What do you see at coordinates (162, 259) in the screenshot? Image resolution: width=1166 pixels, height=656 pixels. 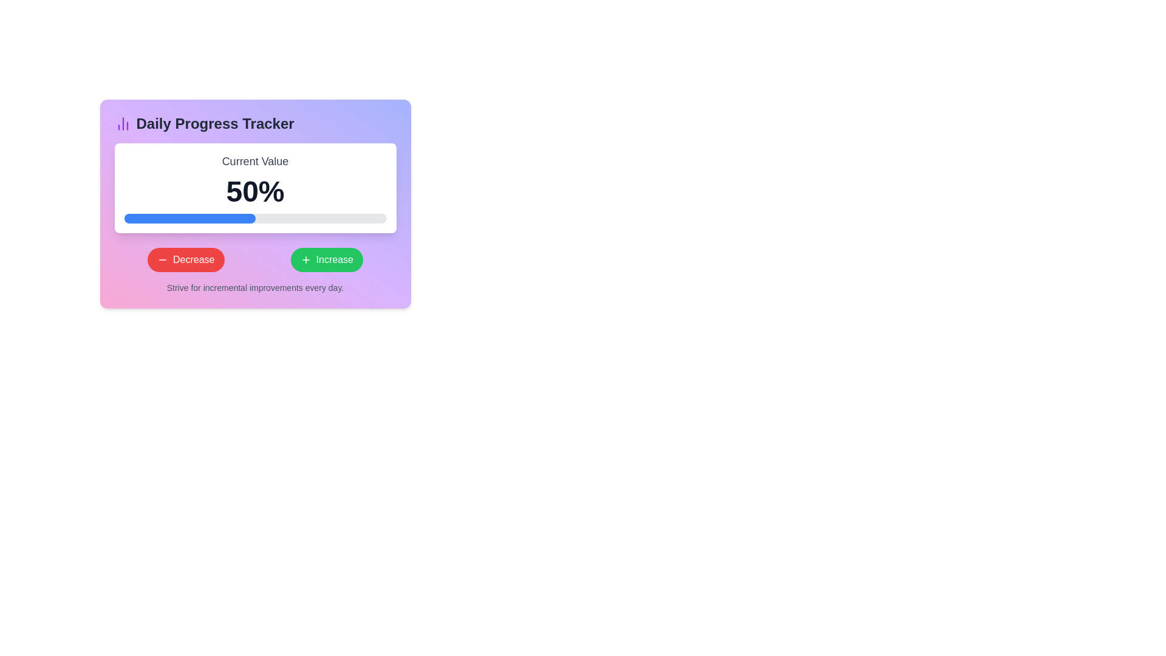 I see `the small minus icon inside the red 'Decrease' button` at bounding box center [162, 259].